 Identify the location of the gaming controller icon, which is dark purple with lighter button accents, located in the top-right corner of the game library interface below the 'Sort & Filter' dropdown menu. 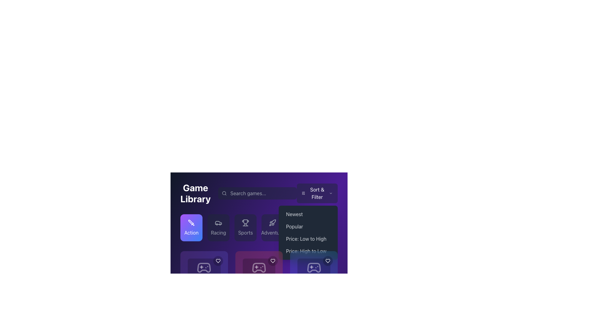
(314, 267).